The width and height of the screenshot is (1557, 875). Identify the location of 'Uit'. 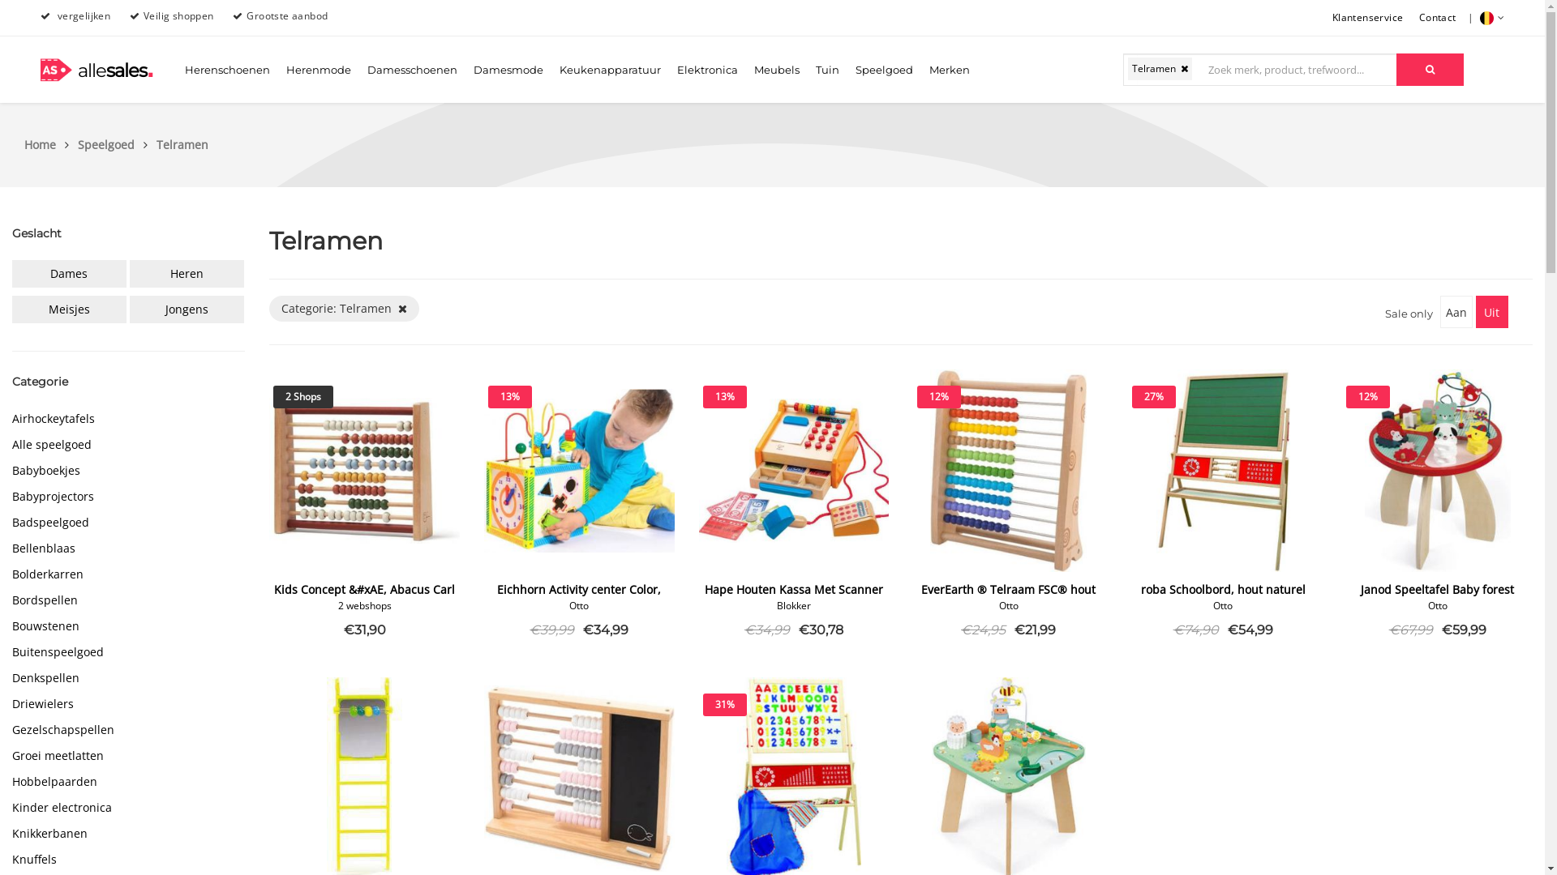
(1491, 312).